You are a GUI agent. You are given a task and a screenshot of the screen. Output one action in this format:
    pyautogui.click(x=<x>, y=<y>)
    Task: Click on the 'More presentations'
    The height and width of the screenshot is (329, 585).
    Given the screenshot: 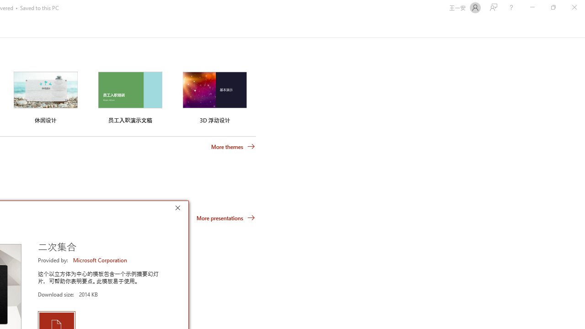 What is the action you would take?
    pyautogui.click(x=226, y=218)
    